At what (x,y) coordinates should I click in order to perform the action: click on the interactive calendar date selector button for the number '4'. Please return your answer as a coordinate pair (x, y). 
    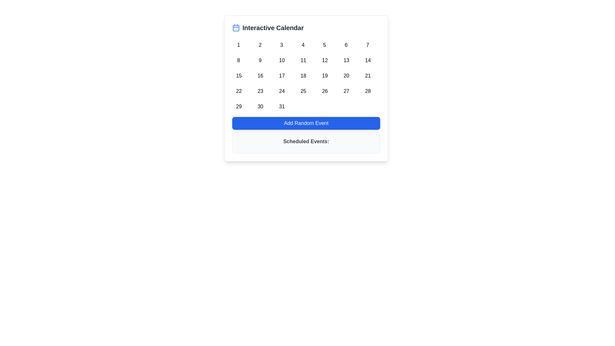
    Looking at the image, I should click on (303, 44).